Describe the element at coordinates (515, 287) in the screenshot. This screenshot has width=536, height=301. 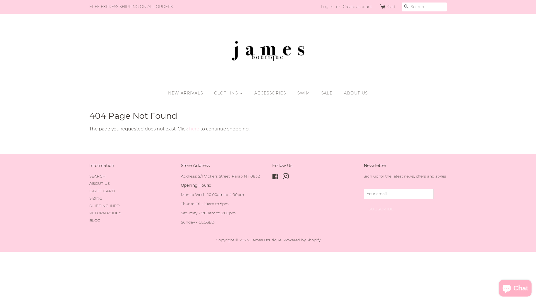
I see `'Shopify online store chat'` at that location.